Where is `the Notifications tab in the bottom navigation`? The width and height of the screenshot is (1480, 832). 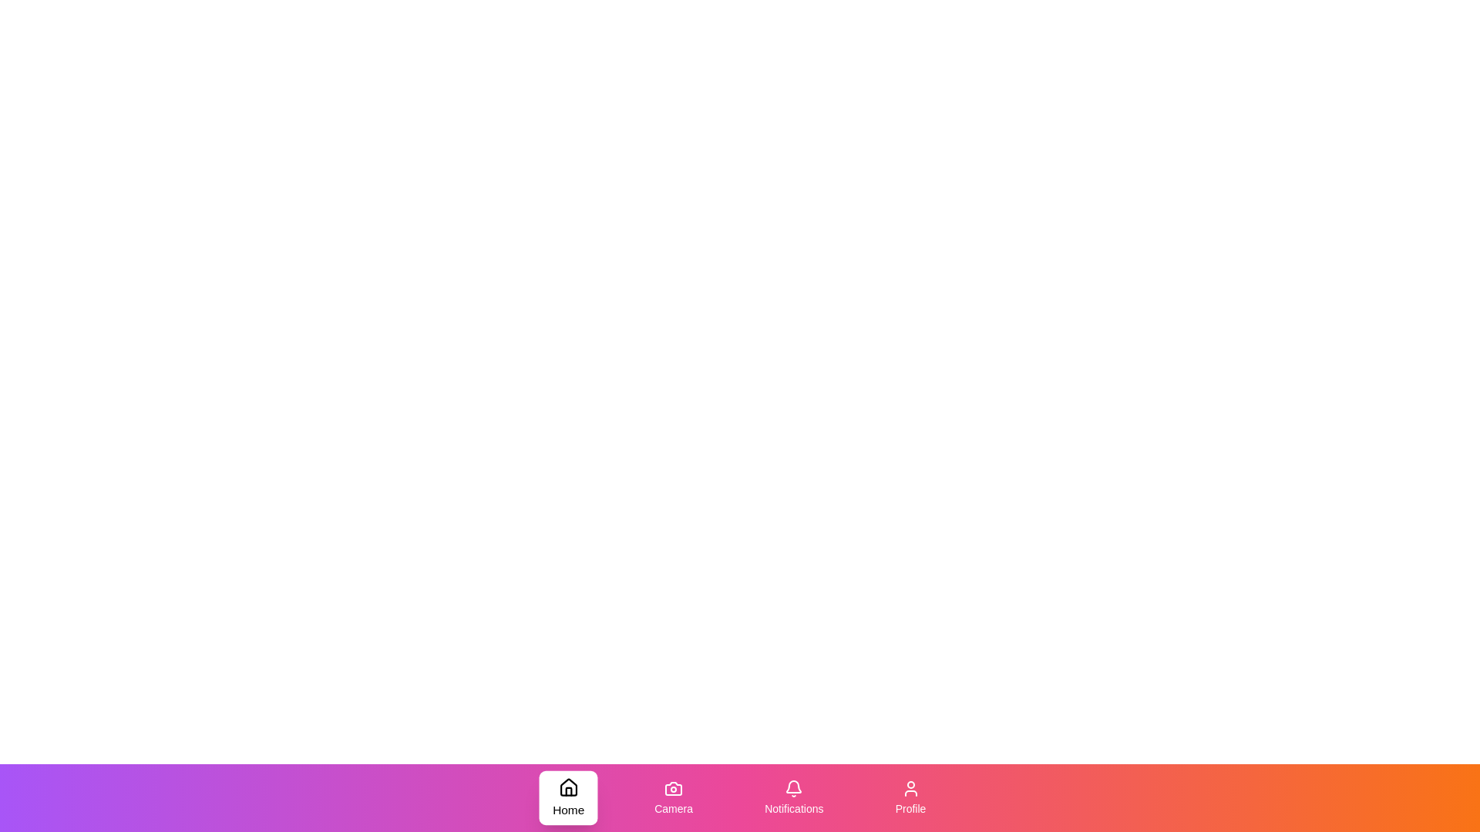 the Notifications tab in the bottom navigation is located at coordinates (794, 797).